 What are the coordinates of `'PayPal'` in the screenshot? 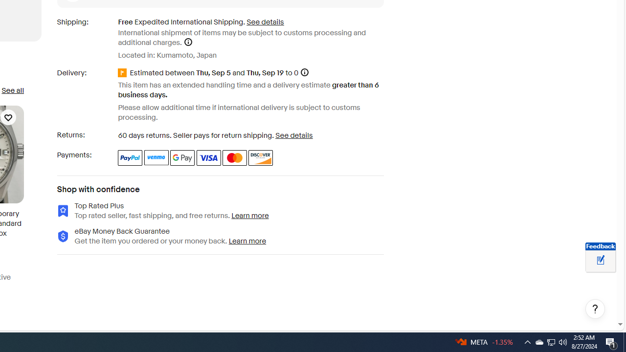 It's located at (130, 157).